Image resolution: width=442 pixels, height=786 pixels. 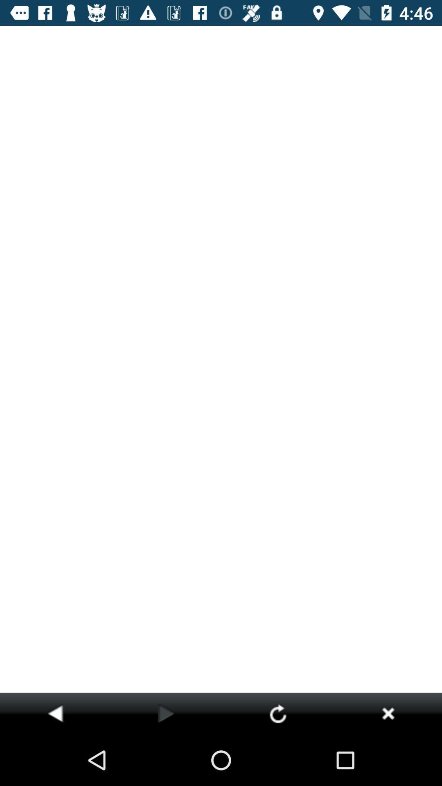 I want to click on item at the center, so click(x=221, y=359).